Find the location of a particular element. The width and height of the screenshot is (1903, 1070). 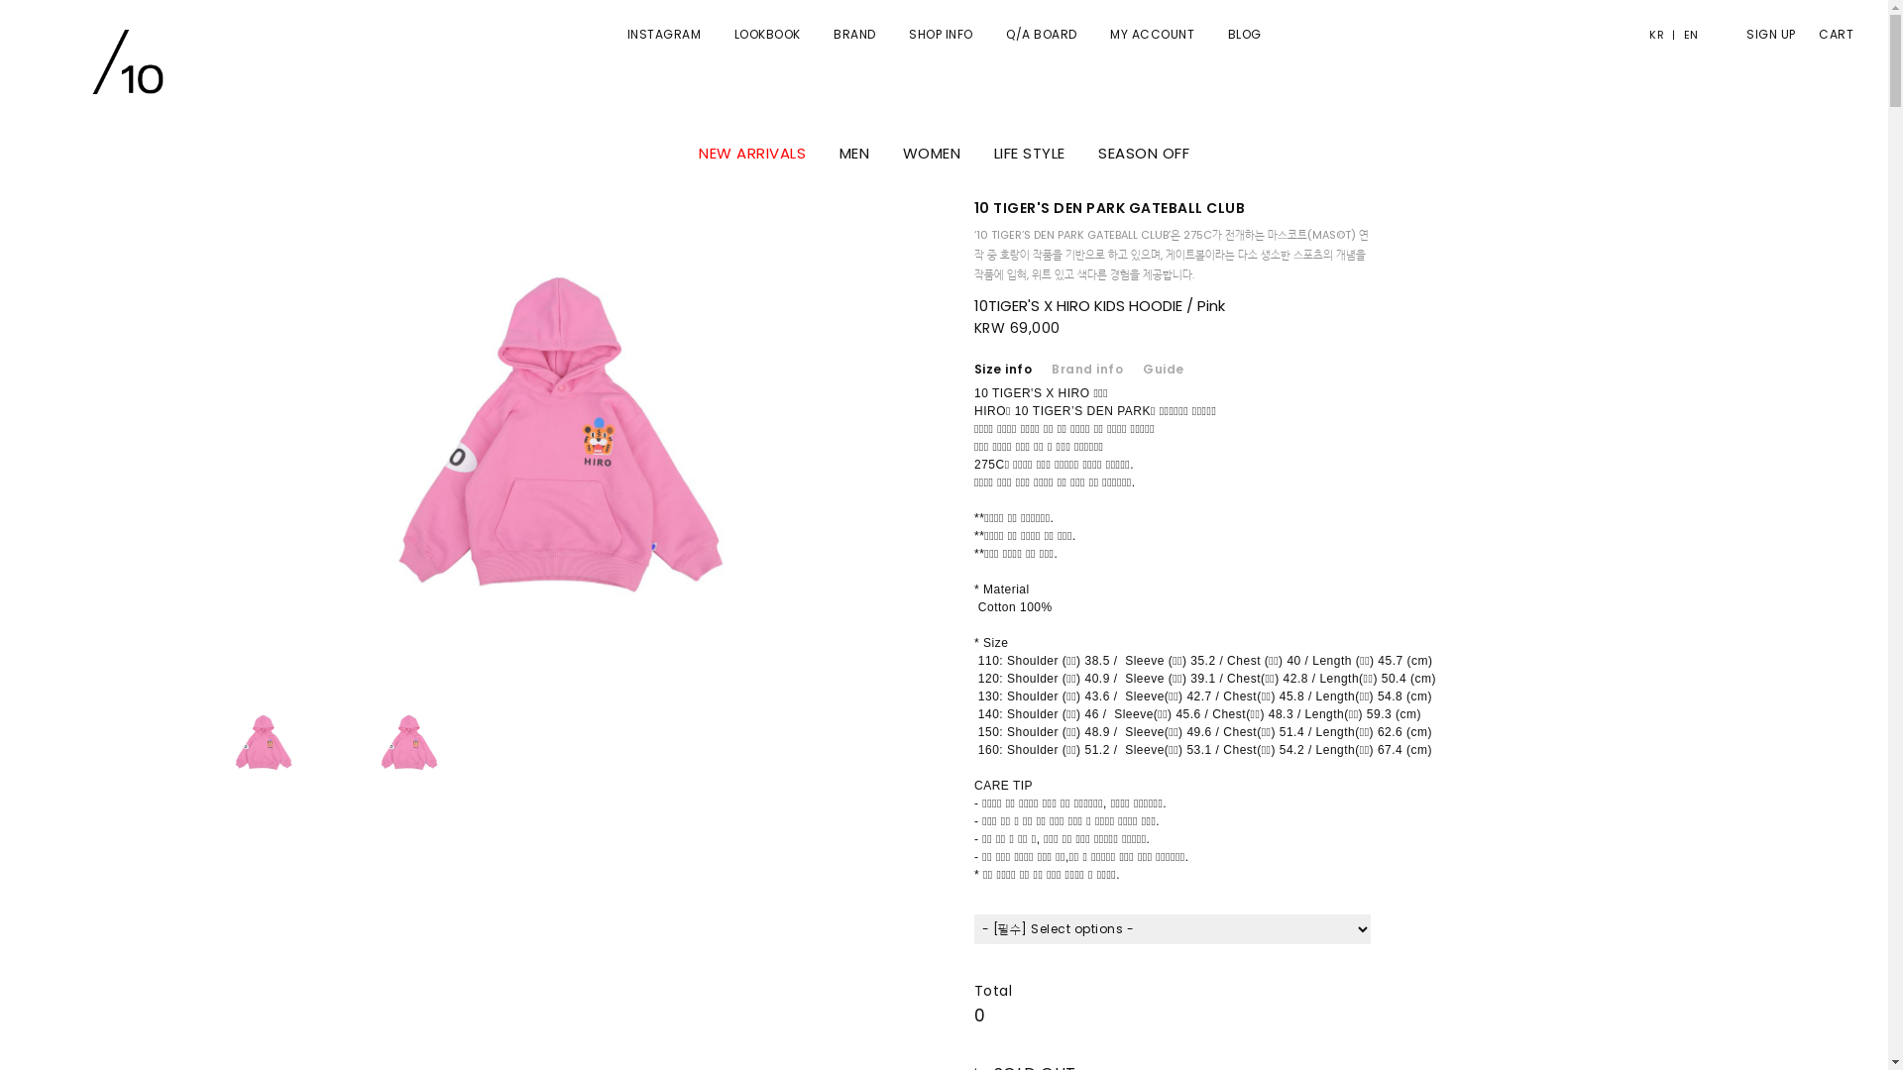

'SHOP INFO' is located at coordinates (940, 34).